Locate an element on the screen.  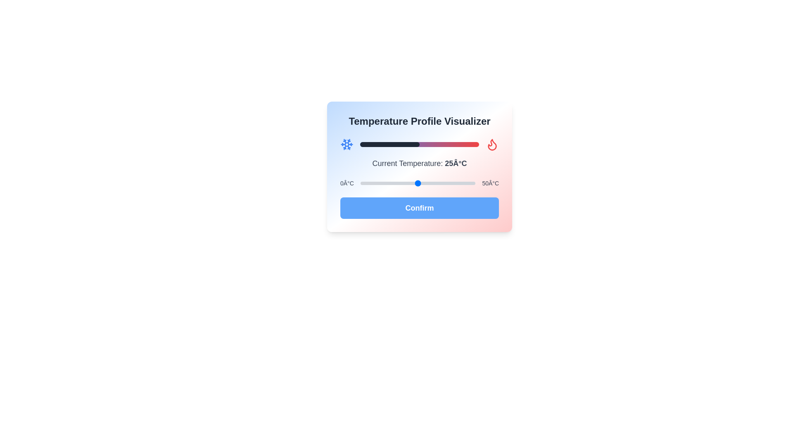
the flame icon to emphasize its state is located at coordinates (492, 144).